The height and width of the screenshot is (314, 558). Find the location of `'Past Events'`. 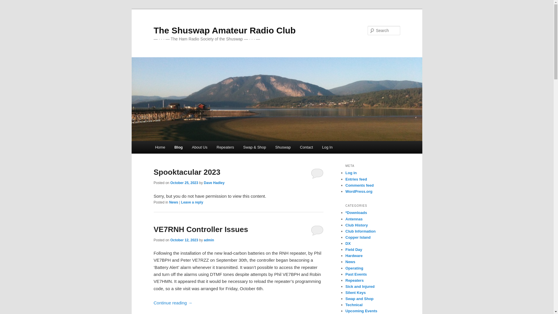

'Past Events' is located at coordinates (345, 274).